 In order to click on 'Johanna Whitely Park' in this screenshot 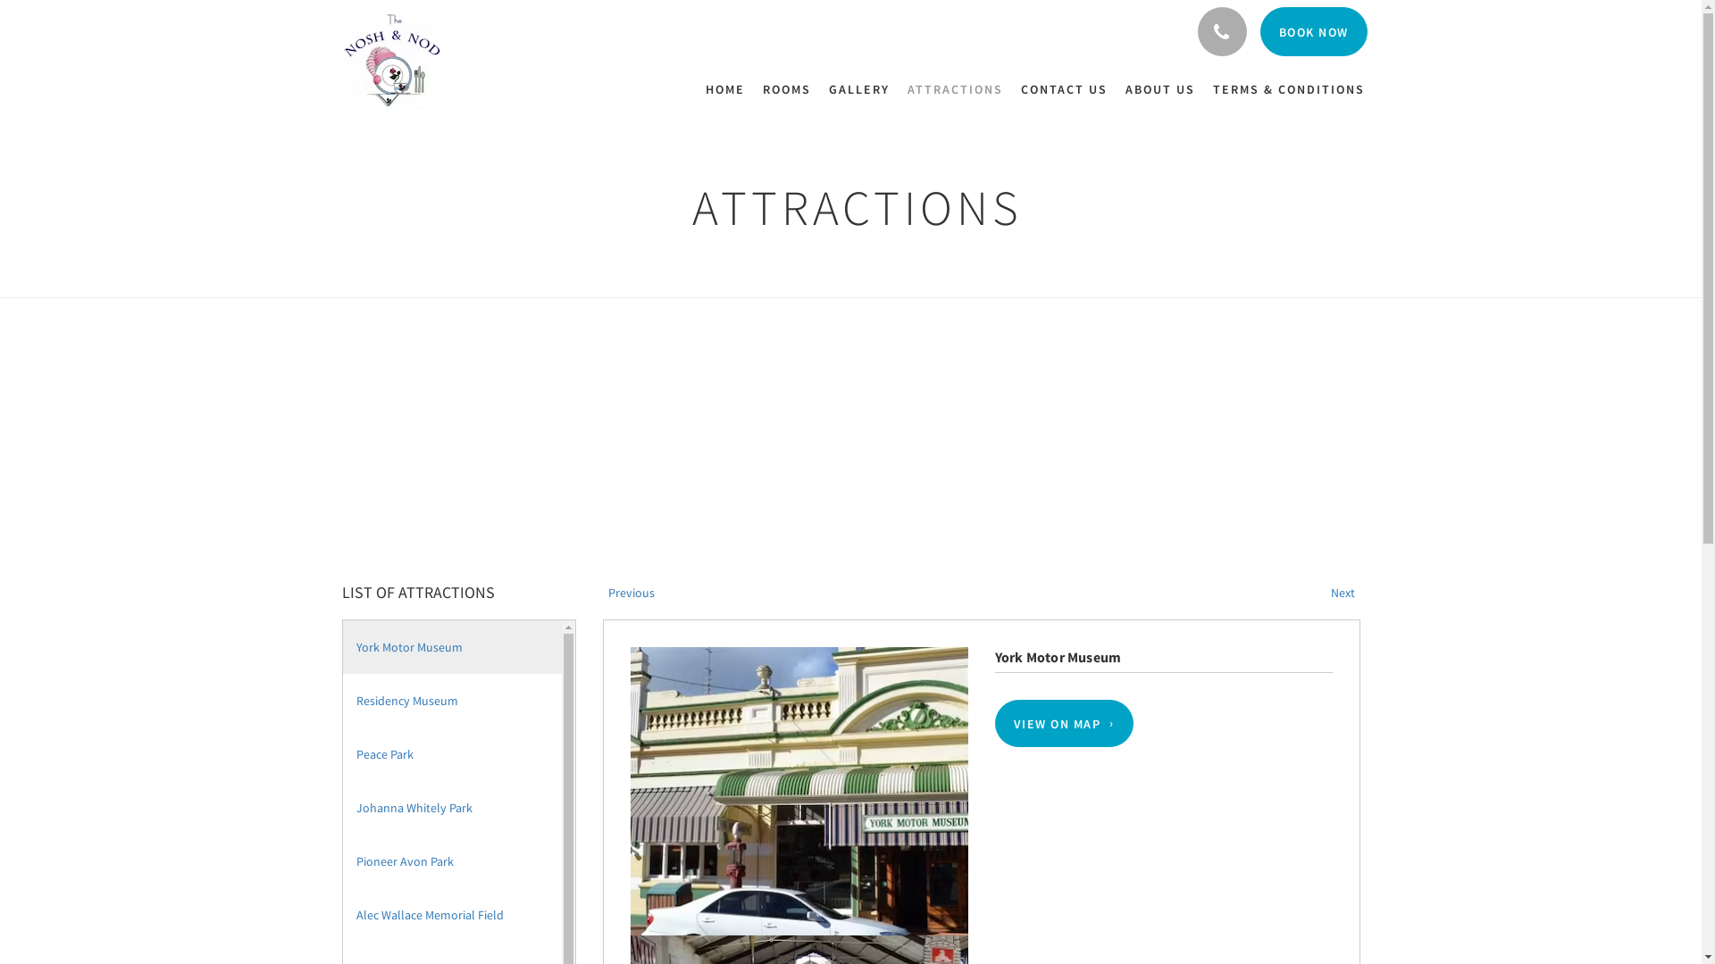, I will do `click(453, 808)`.